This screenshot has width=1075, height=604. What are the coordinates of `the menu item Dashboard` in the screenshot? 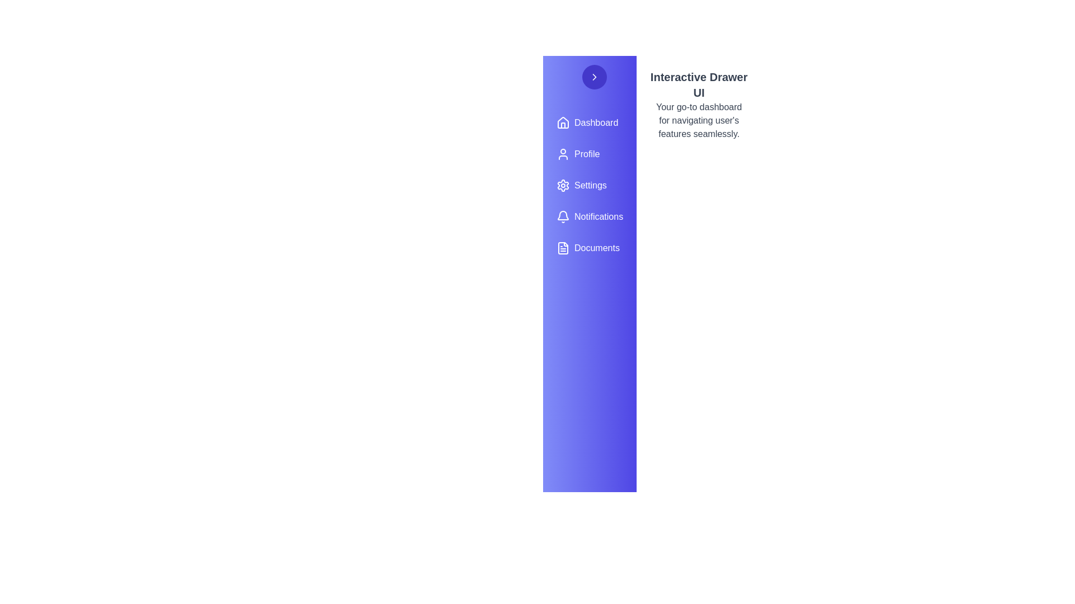 It's located at (589, 122).